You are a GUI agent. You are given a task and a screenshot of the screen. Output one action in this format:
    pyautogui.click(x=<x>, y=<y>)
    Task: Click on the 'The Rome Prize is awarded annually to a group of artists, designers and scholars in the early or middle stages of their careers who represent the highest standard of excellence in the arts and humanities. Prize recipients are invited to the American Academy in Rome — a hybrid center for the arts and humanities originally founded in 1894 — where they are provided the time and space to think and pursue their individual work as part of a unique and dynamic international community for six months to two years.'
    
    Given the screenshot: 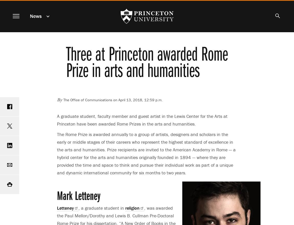 What is the action you would take?
    pyautogui.click(x=146, y=153)
    